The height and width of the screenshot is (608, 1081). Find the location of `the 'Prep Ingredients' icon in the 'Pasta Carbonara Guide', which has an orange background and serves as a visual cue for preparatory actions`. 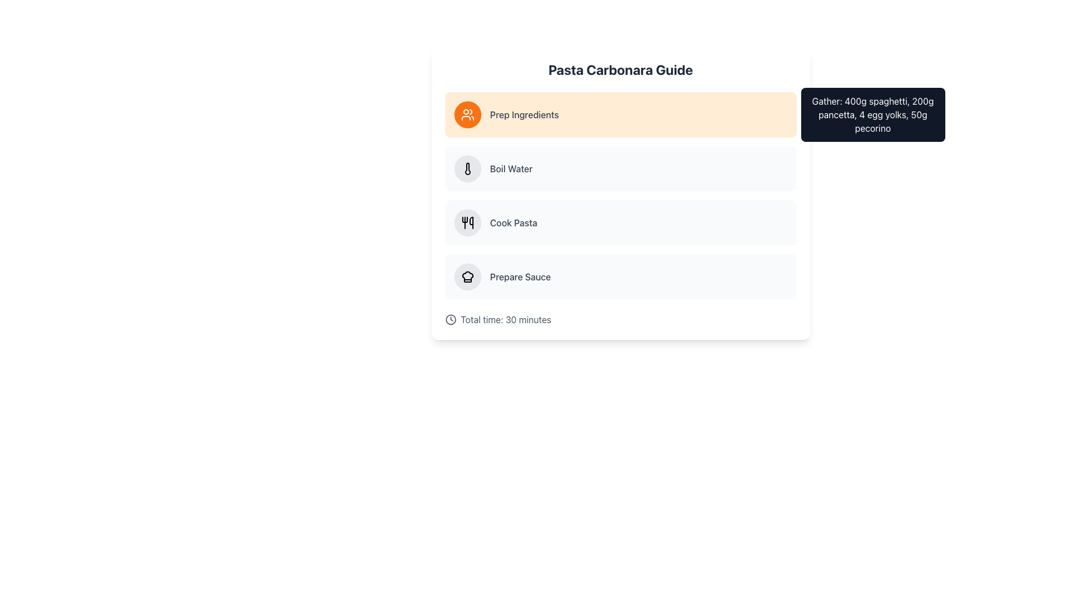

the 'Prep Ingredients' icon in the 'Pasta Carbonara Guide', which has an orange background and serves as a visual cue for preparatory actions is located at coordinates (467, 115).